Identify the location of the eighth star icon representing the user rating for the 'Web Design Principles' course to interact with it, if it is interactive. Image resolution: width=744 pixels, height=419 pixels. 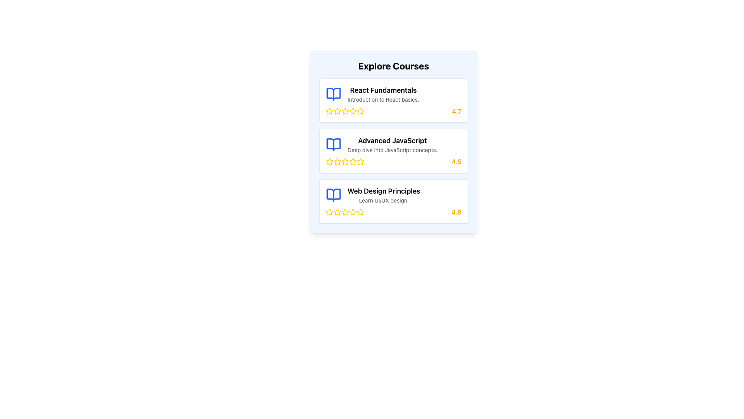
(360, 212).